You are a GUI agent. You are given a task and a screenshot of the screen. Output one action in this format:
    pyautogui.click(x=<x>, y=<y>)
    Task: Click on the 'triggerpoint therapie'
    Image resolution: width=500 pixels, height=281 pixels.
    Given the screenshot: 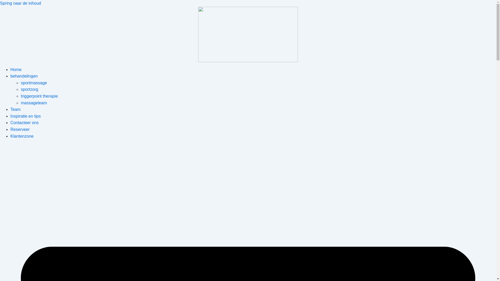 What is the action you would take?
    pyautogui.click(x=21, y=96)
    